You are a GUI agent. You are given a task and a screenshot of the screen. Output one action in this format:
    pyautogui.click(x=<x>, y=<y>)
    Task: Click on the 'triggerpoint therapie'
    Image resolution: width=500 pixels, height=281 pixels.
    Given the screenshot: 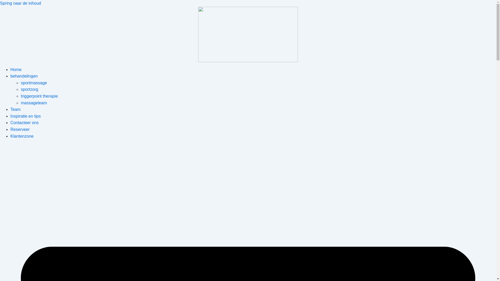 What is the action you would take?
    pyautogui.click(x=21, y=96)
    